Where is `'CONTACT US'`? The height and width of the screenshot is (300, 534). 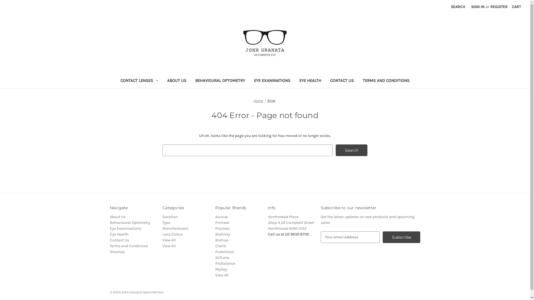 'CONTACT US' is located at coordinates (326, 81).